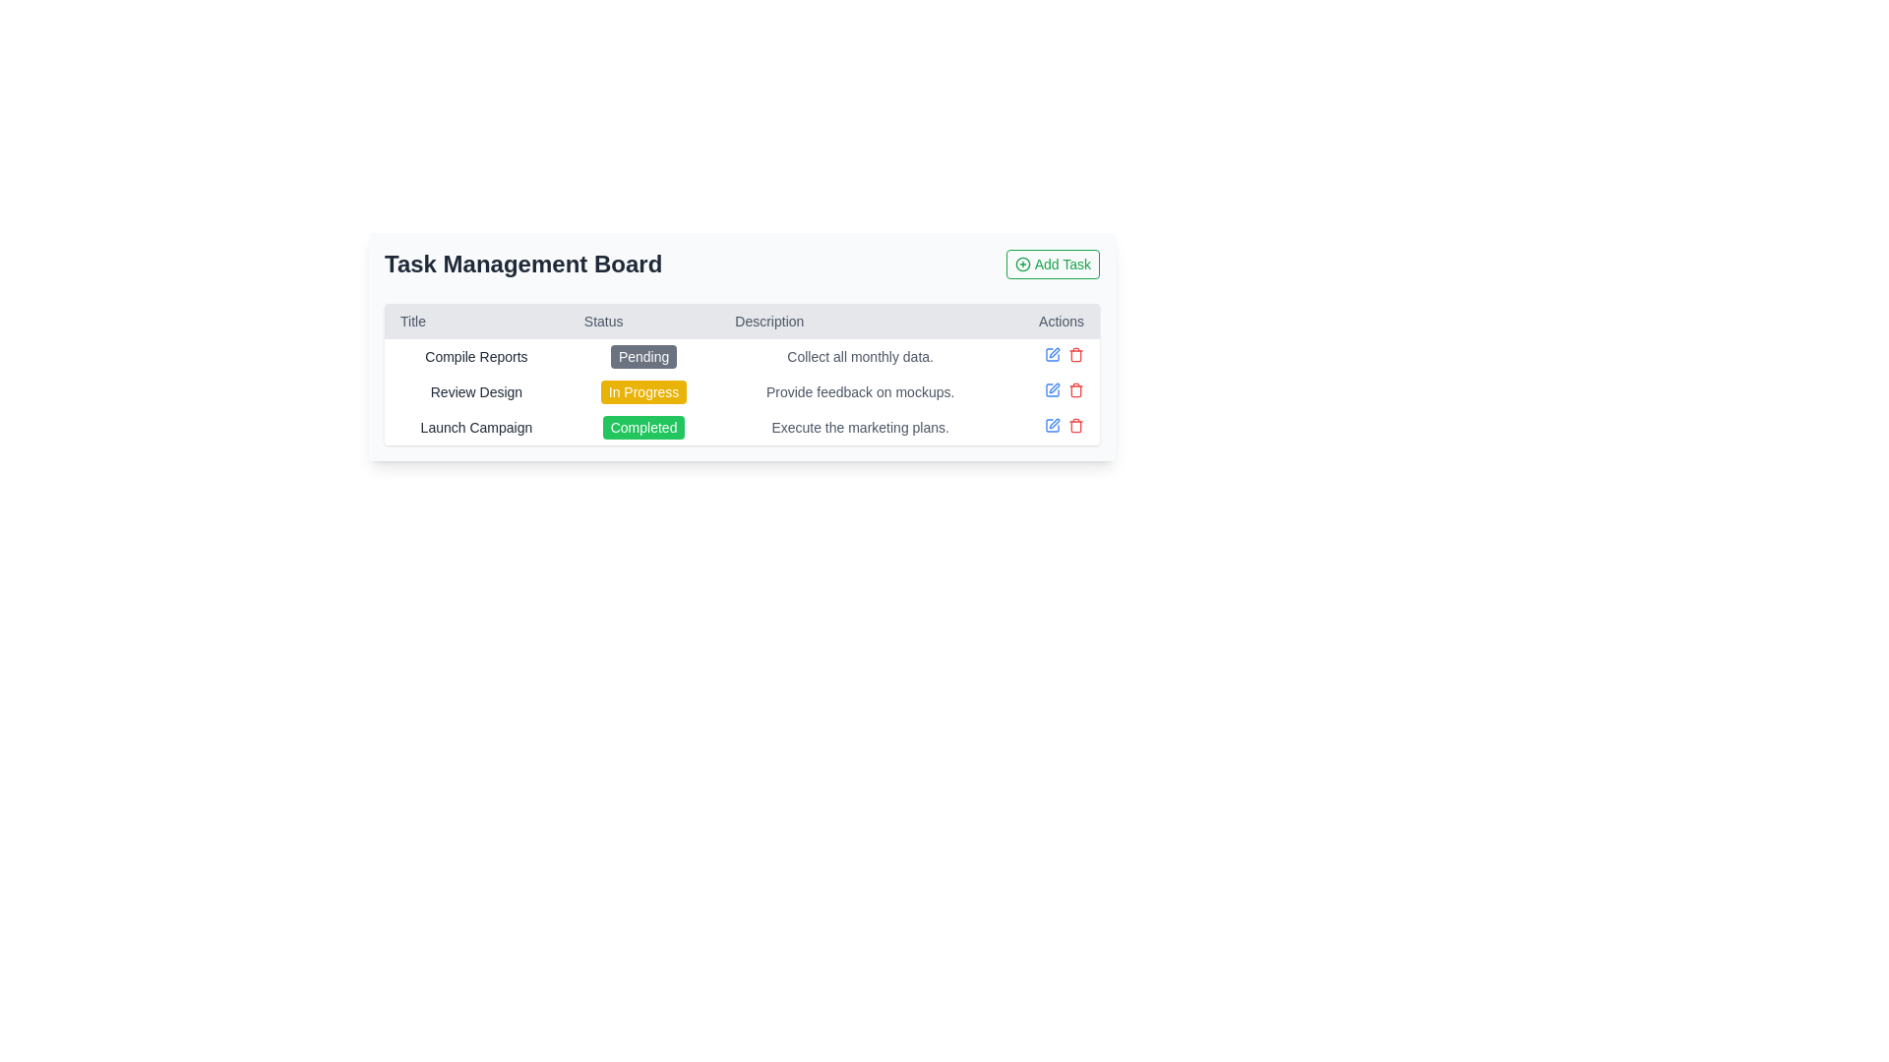 This screenshot has height=1062, width=1889. Describe the element at coordinates (476, 427) in the screenshot. I see `the 'Launch Campaign' text label` at that location.